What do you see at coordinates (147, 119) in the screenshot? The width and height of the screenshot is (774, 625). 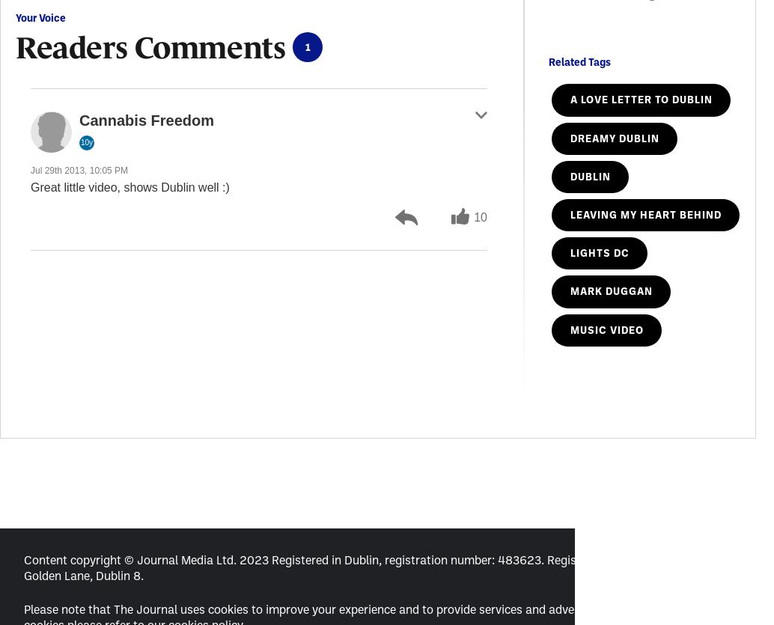 I see `'Cannabis Freedom'` at bounding box center [147, 119].